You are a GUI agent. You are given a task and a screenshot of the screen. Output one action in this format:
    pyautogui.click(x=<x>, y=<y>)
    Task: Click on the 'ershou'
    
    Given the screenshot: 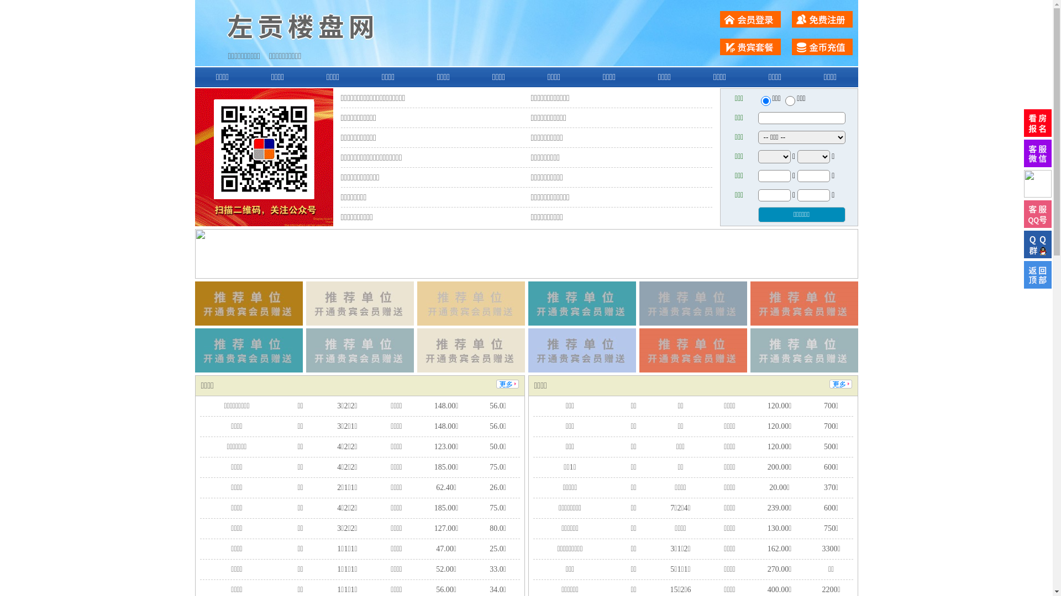 What is the action you would take?
    pyautogui.click(x=765, y=100)
    